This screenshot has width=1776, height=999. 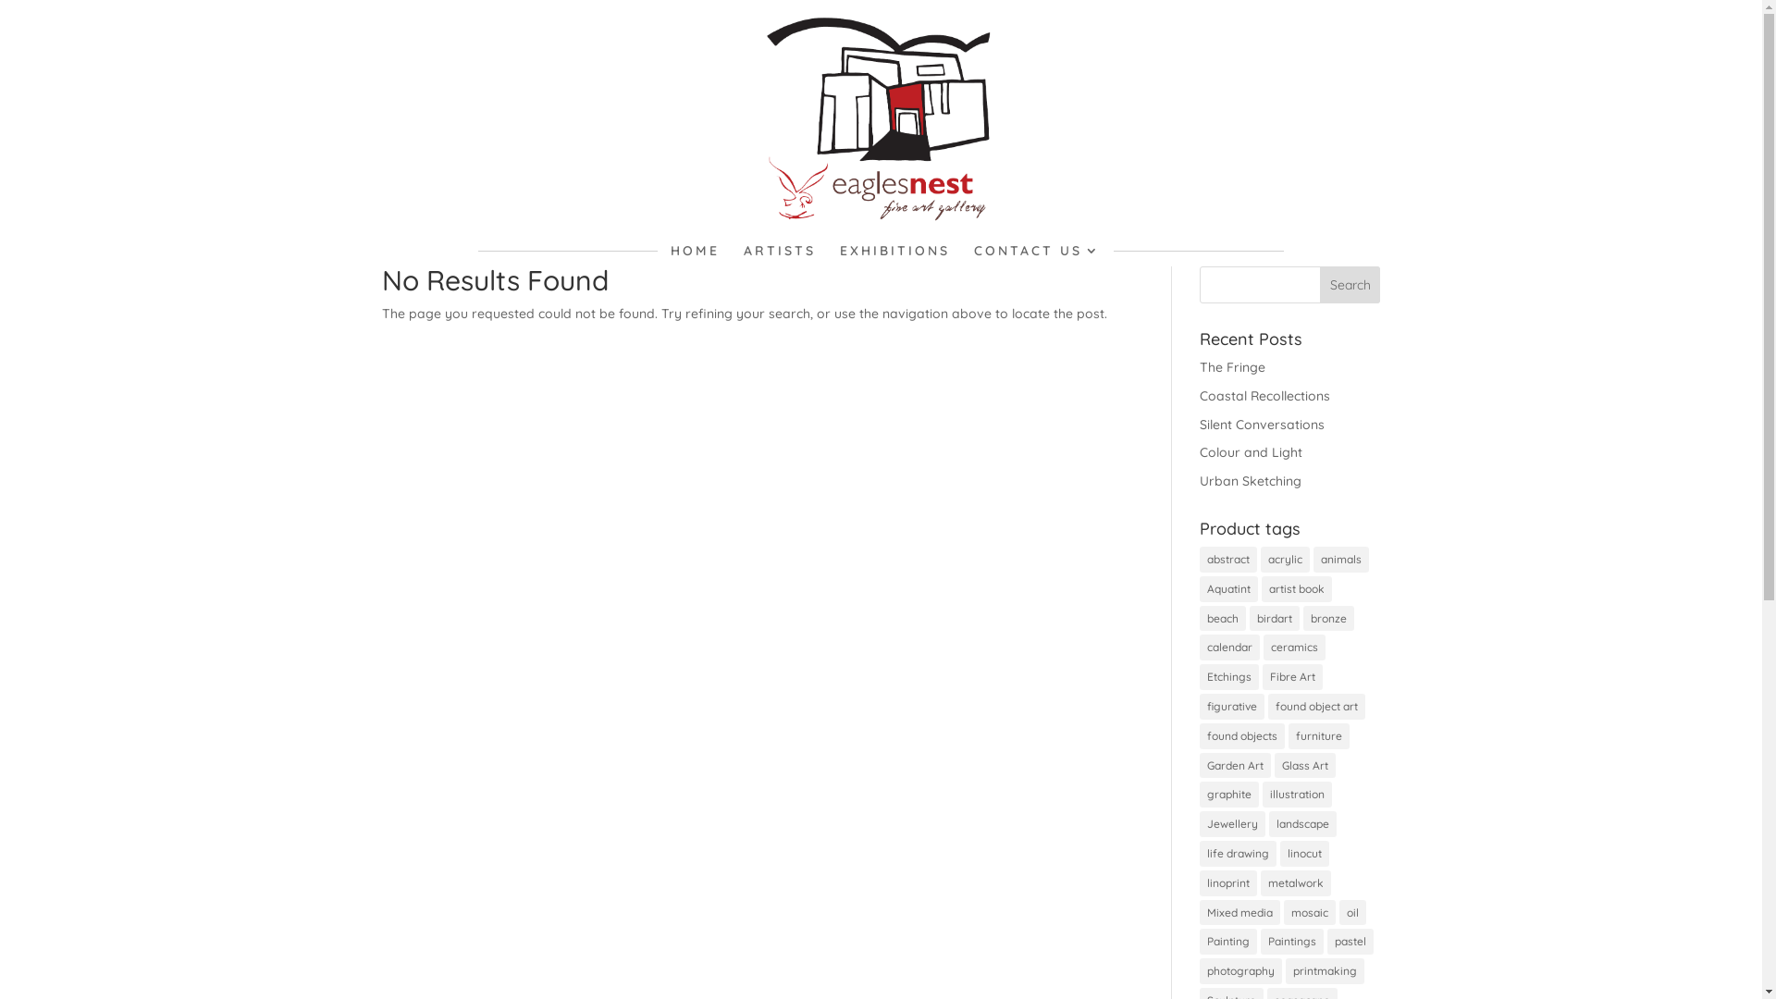 I want to click on 'Painting', so click(x=1228, y=942).